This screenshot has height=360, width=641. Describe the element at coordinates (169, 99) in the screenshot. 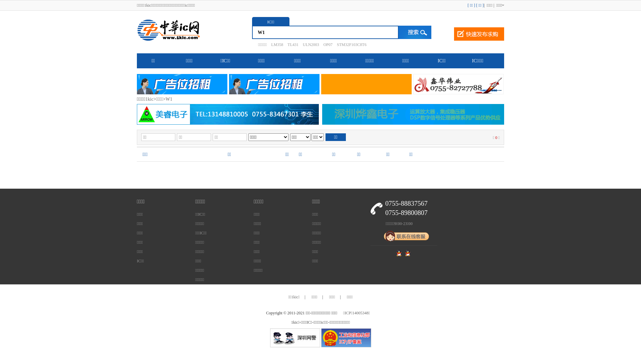

I see `'W1'` at that location.